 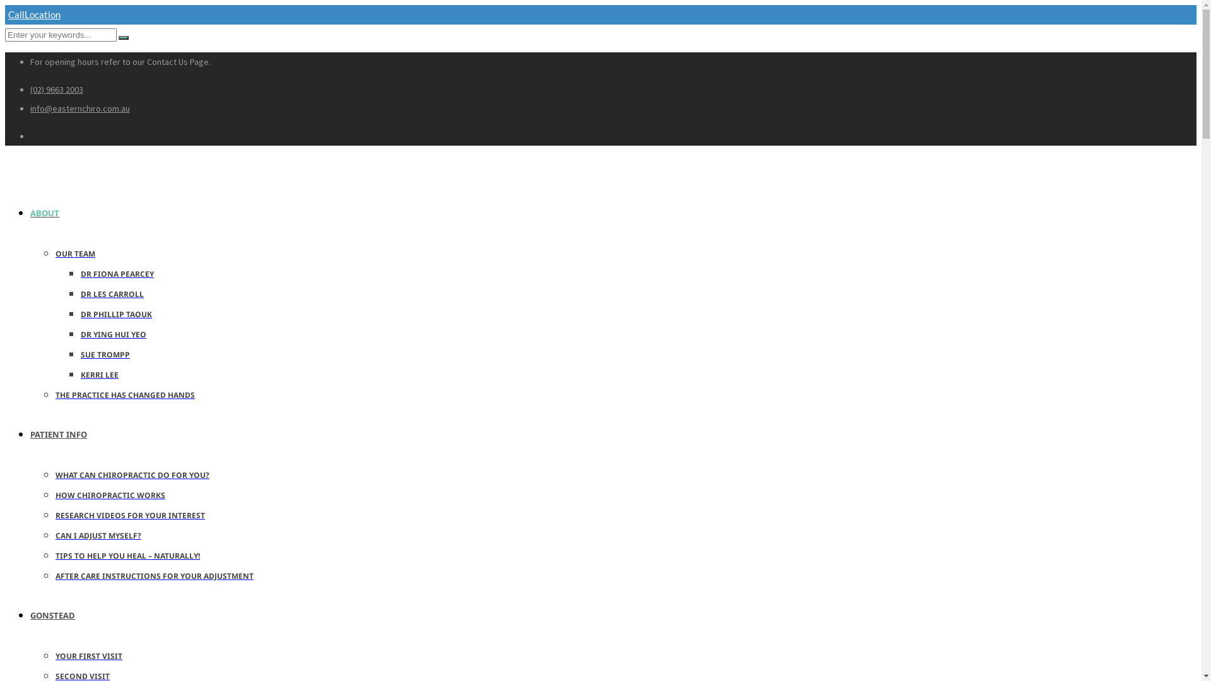 I want to click on 'DR PHILLIP TAOUK', so click(x=116, y=313).